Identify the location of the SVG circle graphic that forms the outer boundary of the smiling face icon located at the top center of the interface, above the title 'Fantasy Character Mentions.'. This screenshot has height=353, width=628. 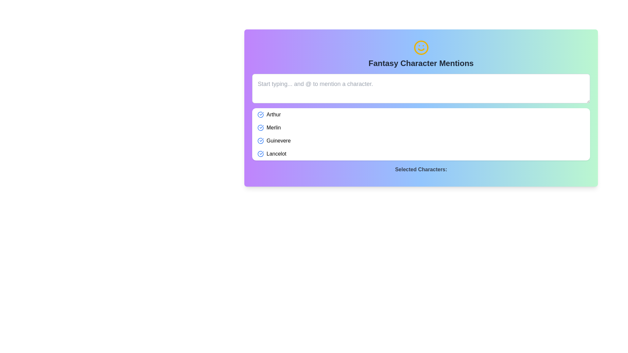
(421, 47).